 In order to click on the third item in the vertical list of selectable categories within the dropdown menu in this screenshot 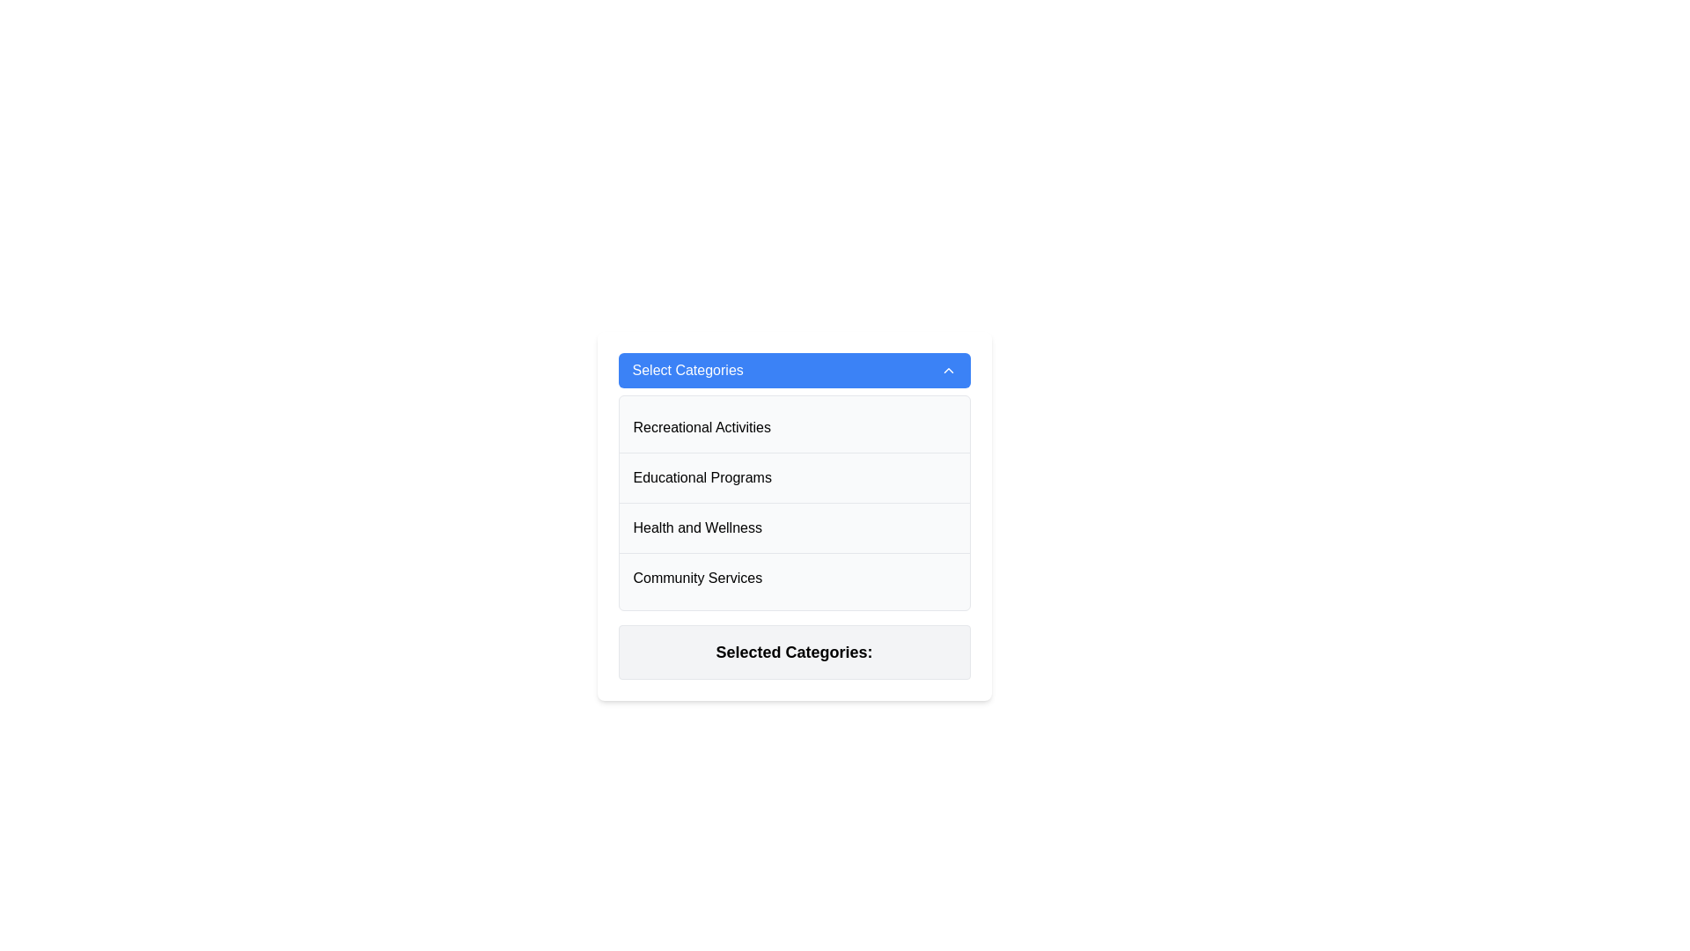, I will do `click(793, 527)`.